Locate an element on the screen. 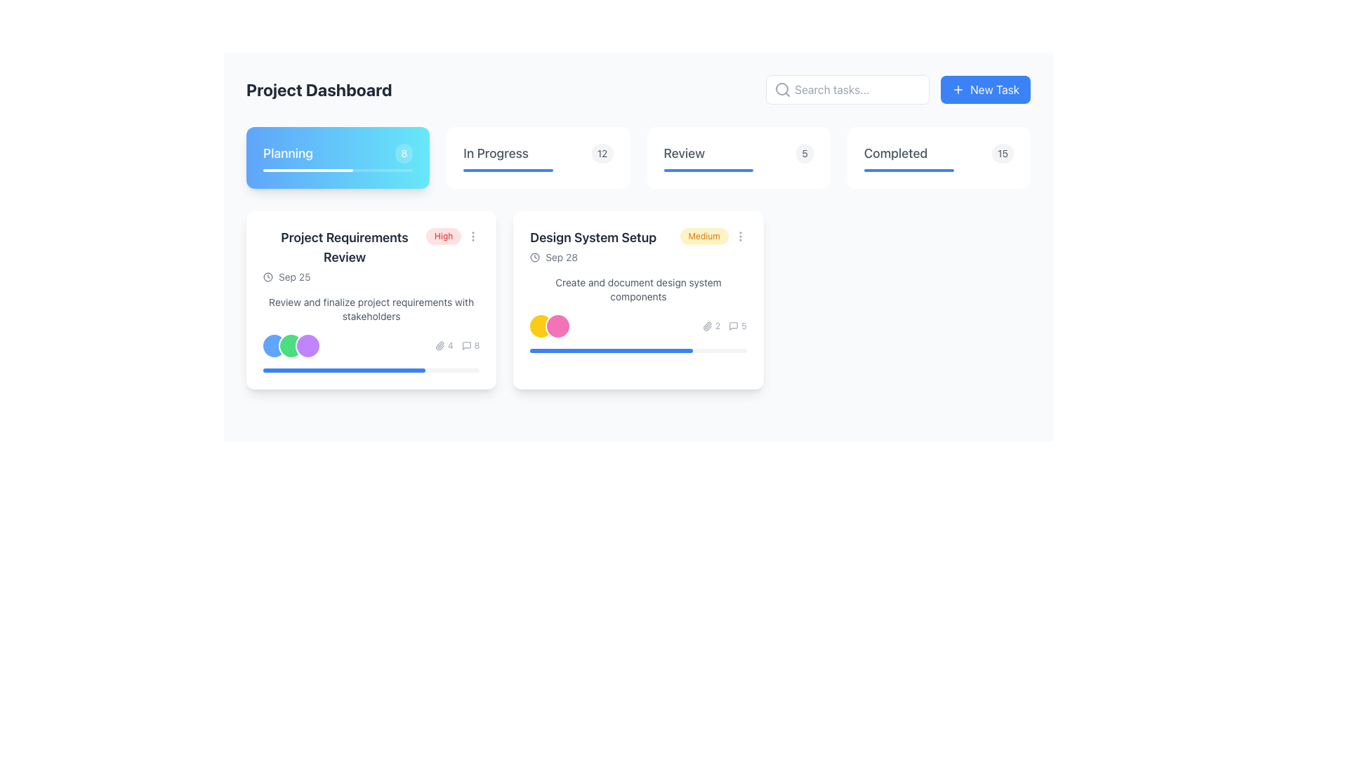  the Comment indicator with the speech bubble icon and the numerical value '8' located in the lower right section of the 'Project Requirements Review' card is located at coordinates (470, 346).